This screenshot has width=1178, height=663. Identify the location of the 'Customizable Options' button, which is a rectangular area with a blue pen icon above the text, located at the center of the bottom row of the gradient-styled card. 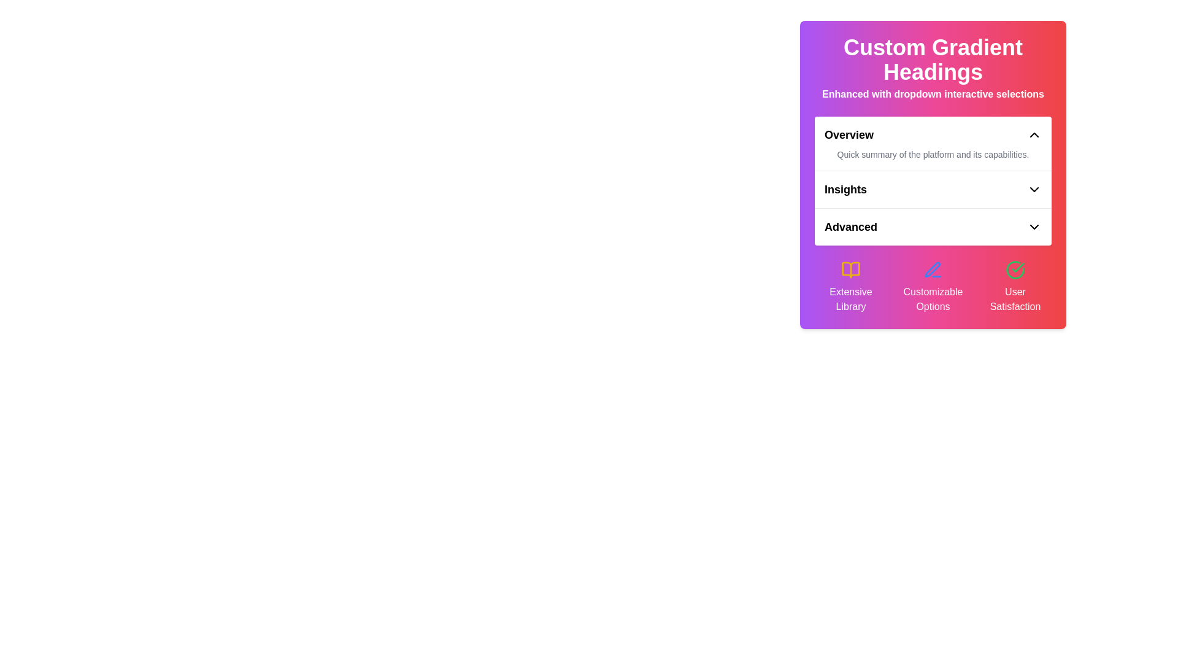
(933, 287).